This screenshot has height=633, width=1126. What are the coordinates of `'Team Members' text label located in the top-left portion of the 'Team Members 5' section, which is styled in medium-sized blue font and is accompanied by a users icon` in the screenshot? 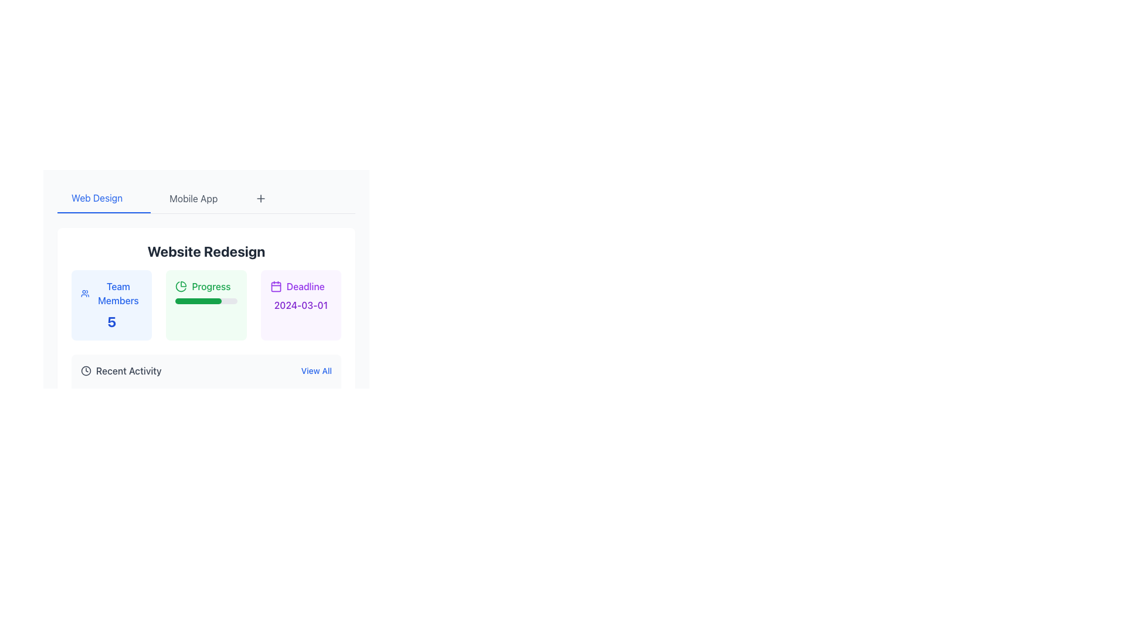 It's located at (111, 293).